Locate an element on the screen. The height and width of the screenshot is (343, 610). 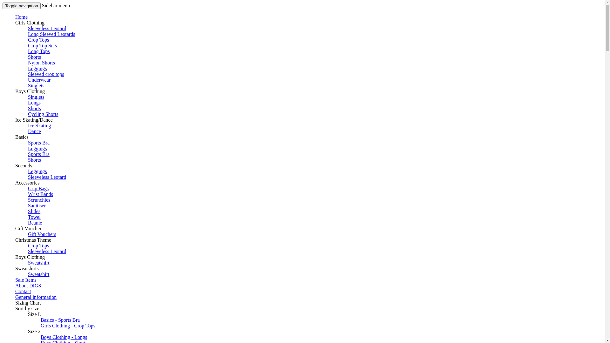
'Basics - Sports Bra' is located at coordinates (40, 320).